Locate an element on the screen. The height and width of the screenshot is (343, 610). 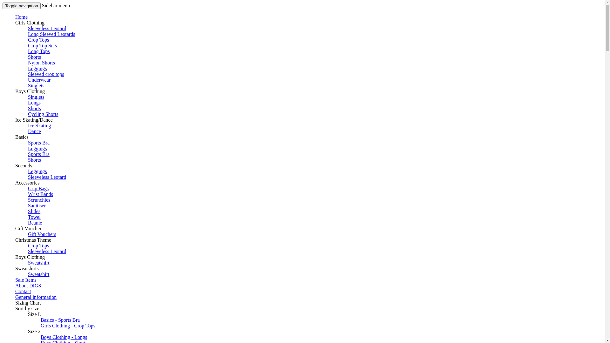
'Basics - Sports Bra' is located at coordinates (40, 320).